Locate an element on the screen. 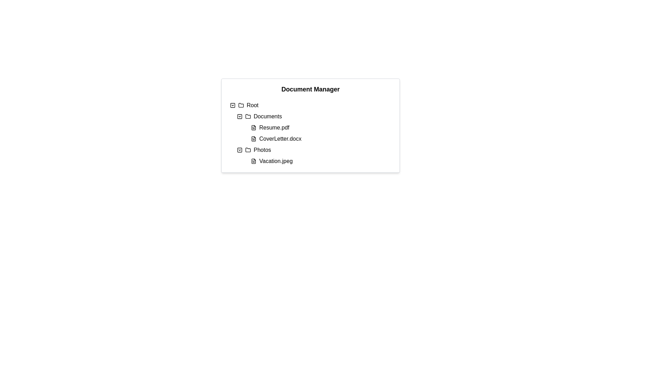 The height and width of the screenshot is (377, 670). the file-type indicator icon for 'Resume.pdf', which is positioned to the left of the text and located below the 'Documents' folder heading is located at coordinates (253, 128).